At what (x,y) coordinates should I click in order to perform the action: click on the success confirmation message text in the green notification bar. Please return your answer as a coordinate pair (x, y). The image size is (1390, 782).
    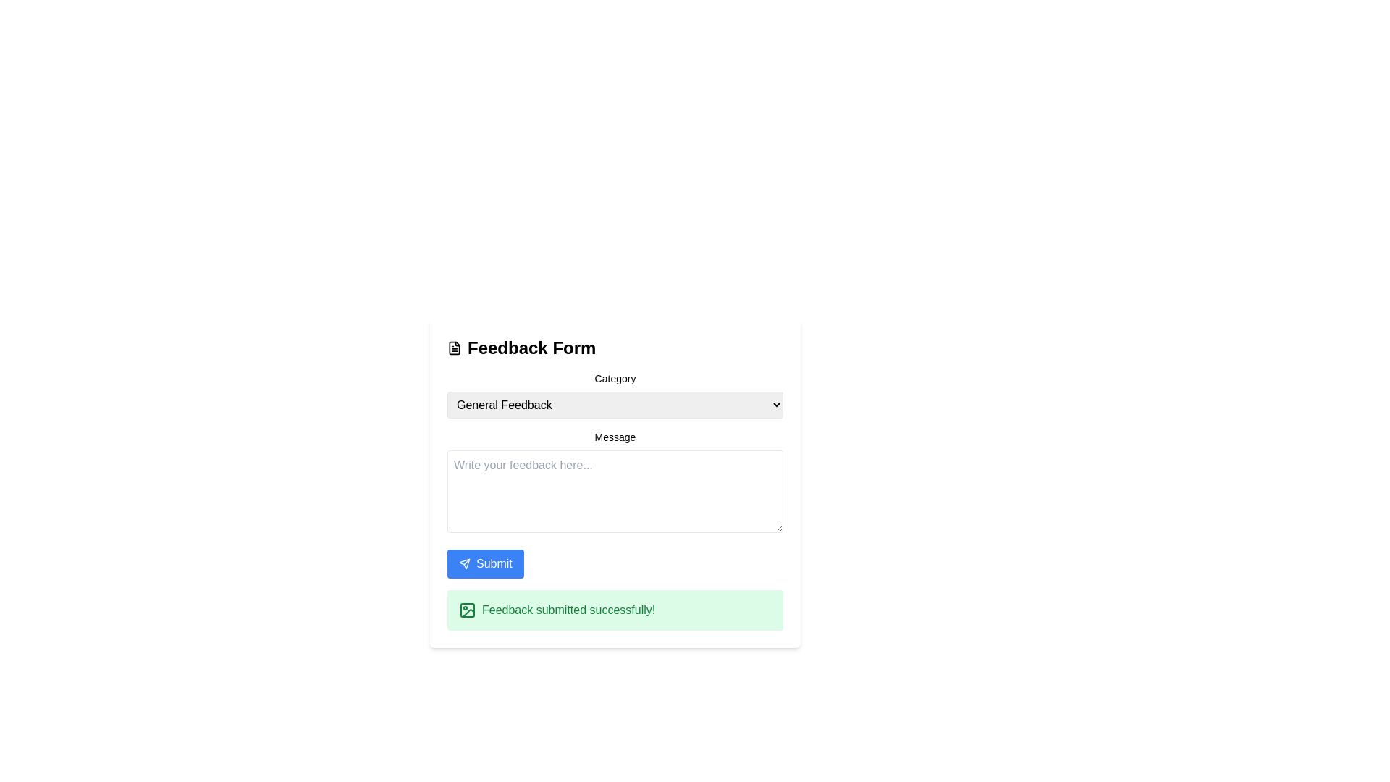
    Looking at the image, I should click on (568, 610).